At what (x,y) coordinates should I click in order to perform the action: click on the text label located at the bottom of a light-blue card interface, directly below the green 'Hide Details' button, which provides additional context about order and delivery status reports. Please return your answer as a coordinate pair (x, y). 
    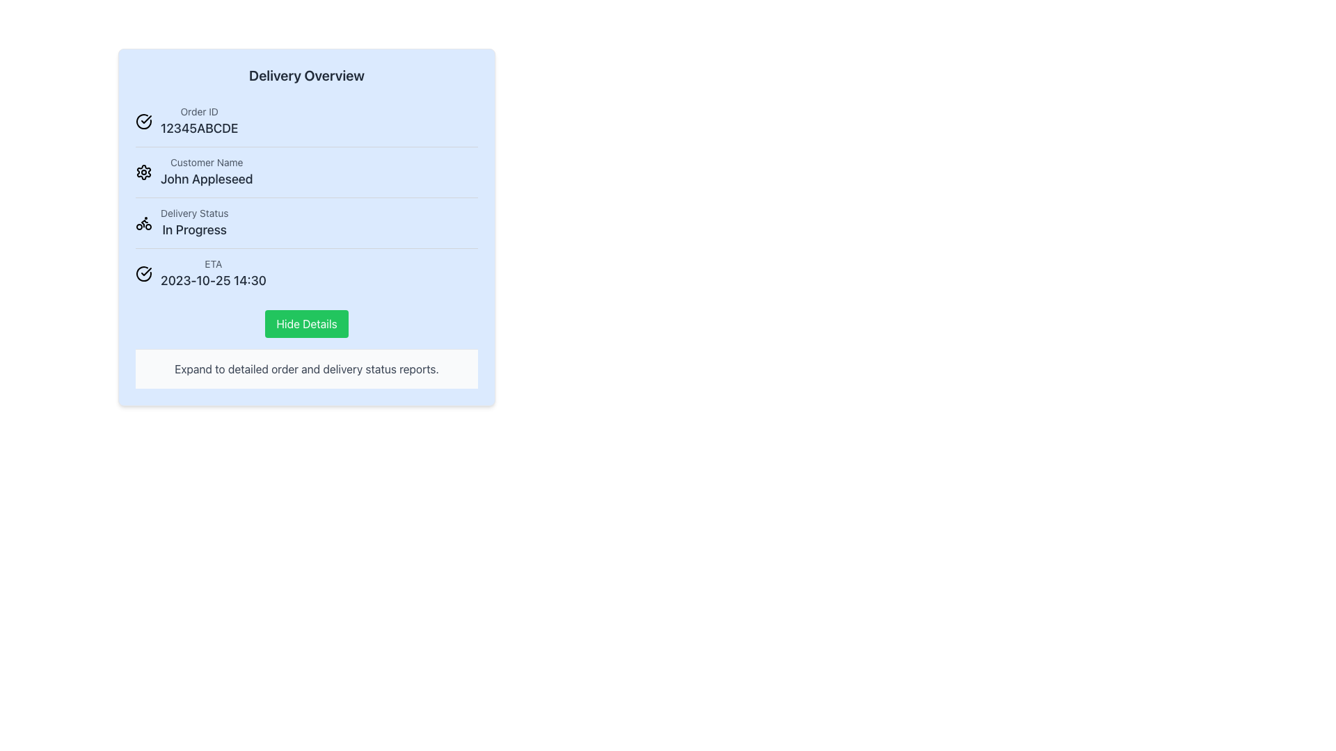
    Looking at the image, I should click on (306, 369).